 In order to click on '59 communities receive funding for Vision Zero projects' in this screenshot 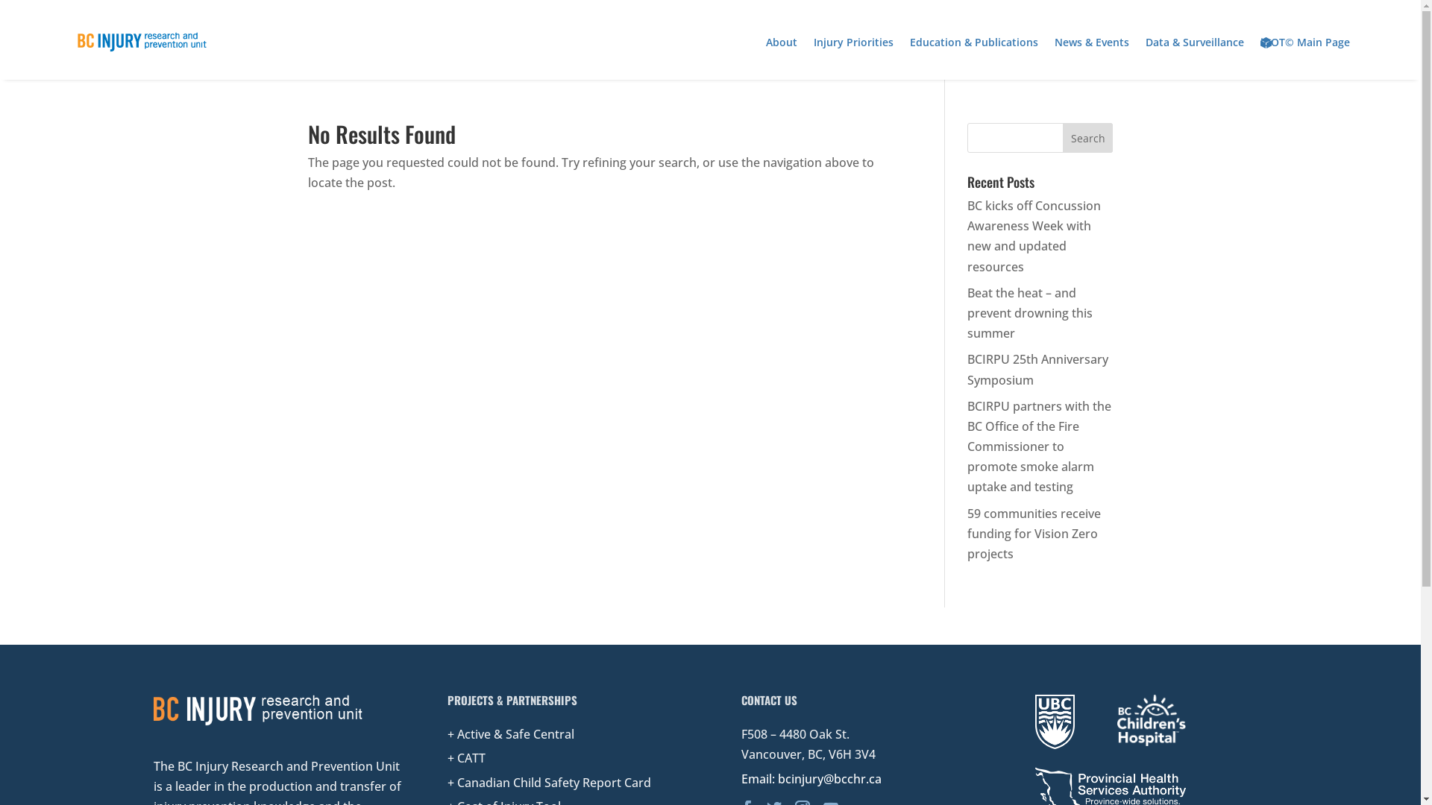, I will do `click(1033, 533)`.